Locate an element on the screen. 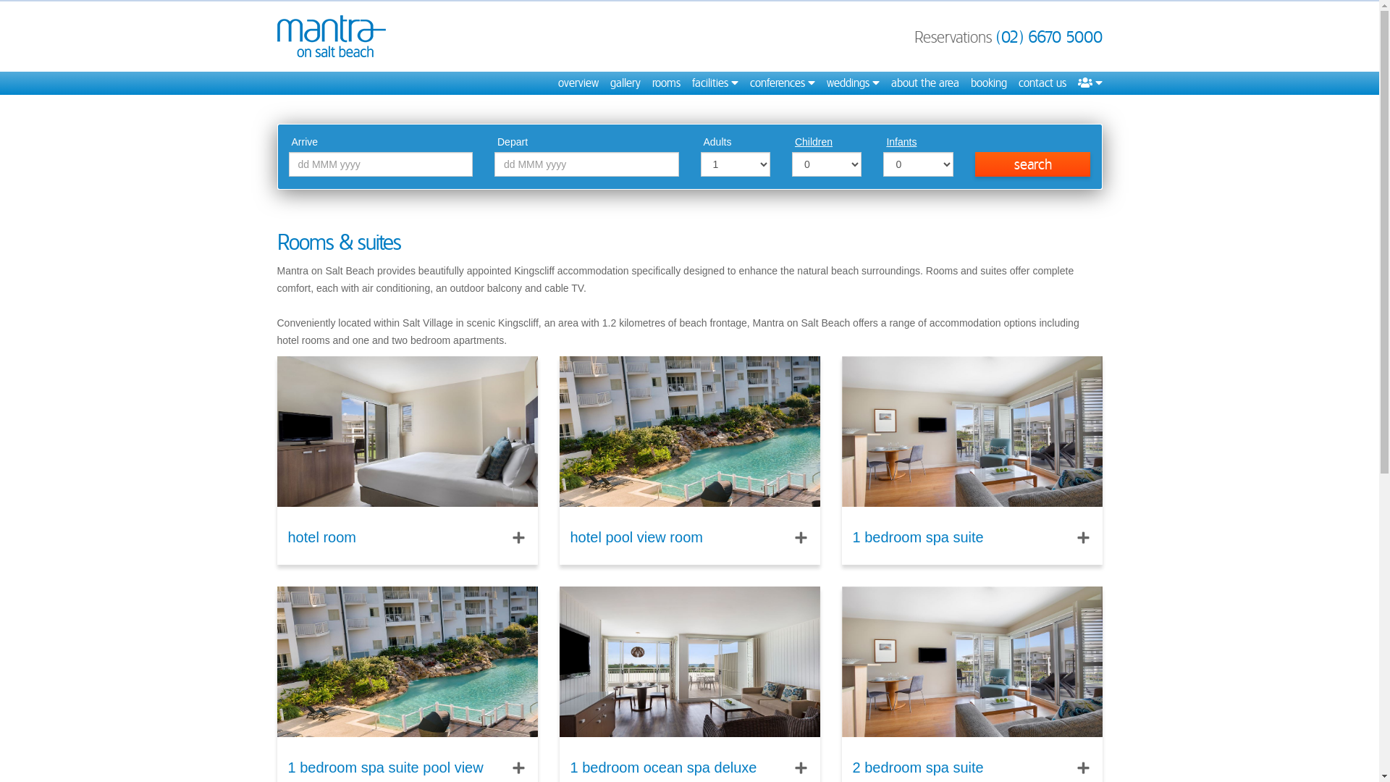 Image resolution: width=1390 pixels, height=782 pixels. 'search' is located at coordinates (1032, 164).